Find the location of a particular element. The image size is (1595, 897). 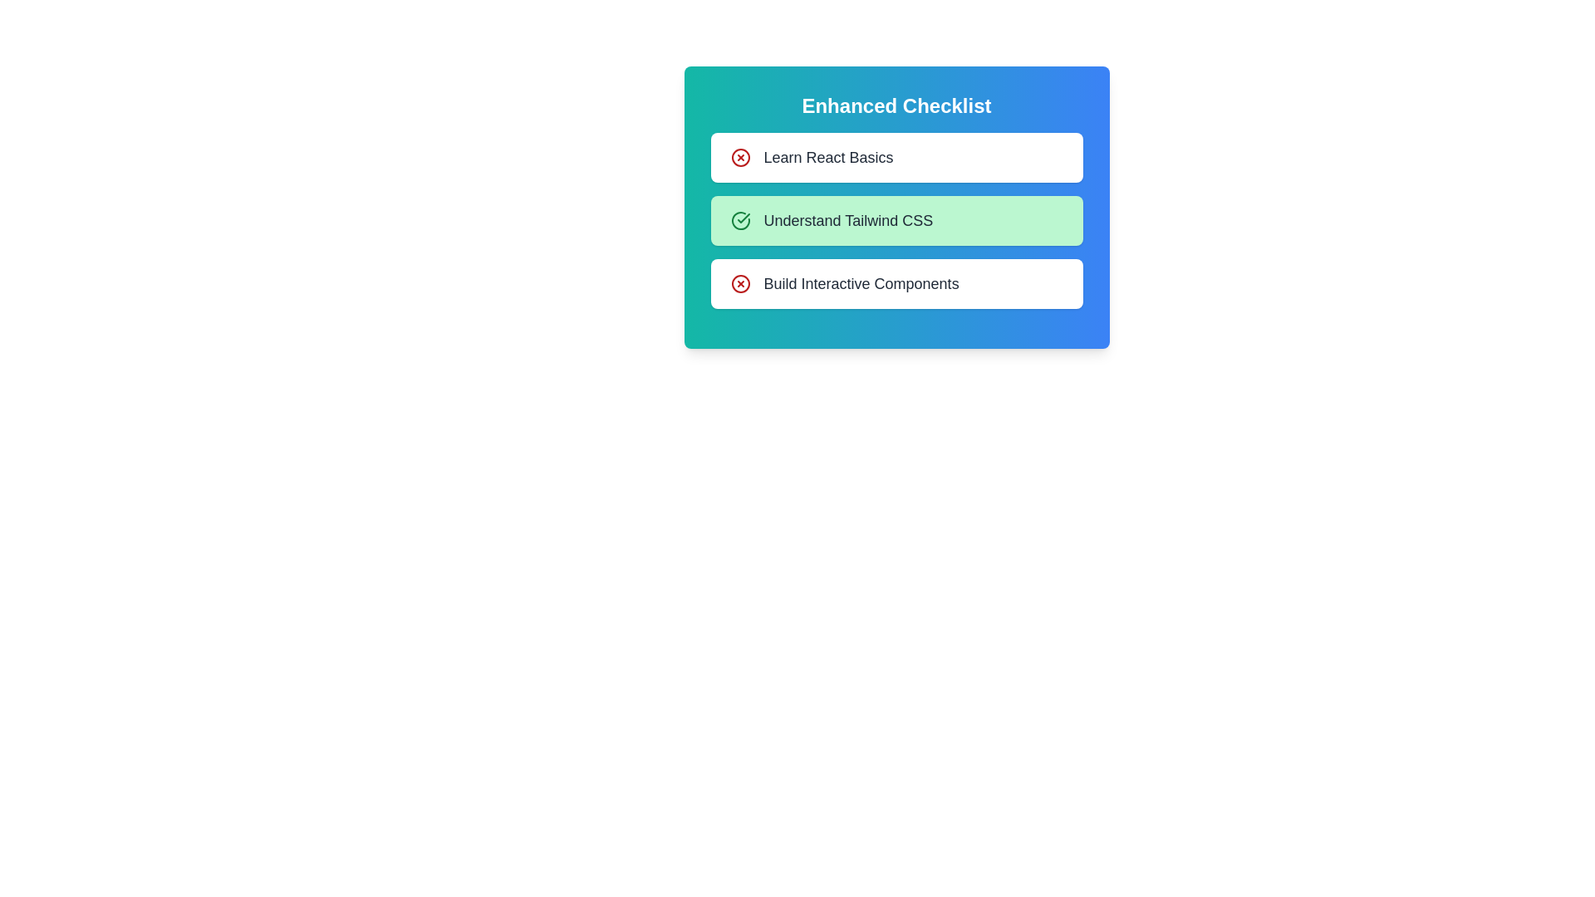

the checklist item Learn React Basics to observe its hover effect is located at coordinates (896, 157).